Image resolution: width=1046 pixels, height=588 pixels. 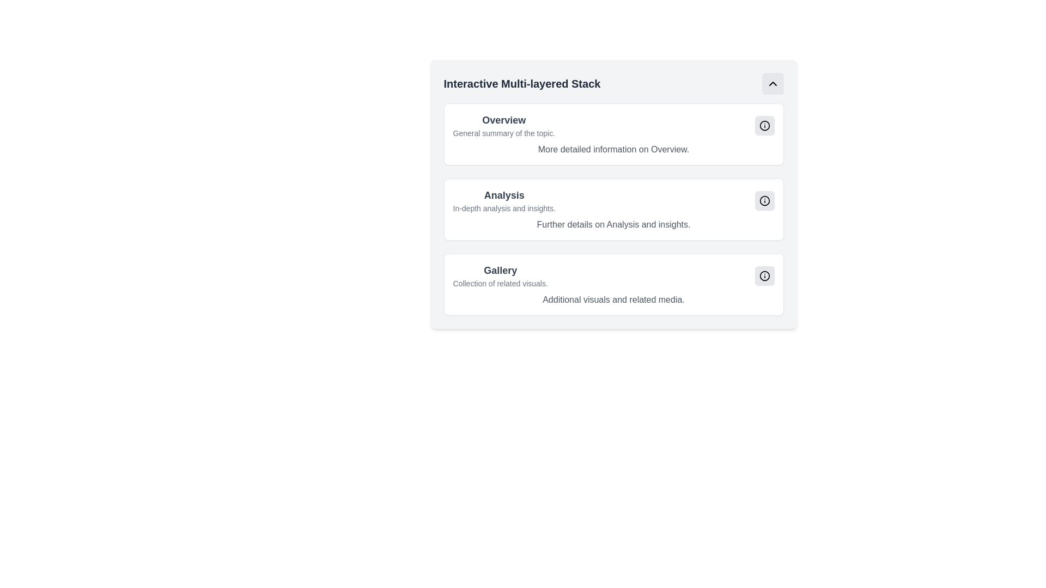 What do you see at coordinates (613, 133) in the screenshot?
I see `the Informational Card titled 'Overview', which summarizes a topic and is the first card in a vertically stacked layout above the 'Analysis' and 'Gallery' cards` at bounding box center [613, 133].